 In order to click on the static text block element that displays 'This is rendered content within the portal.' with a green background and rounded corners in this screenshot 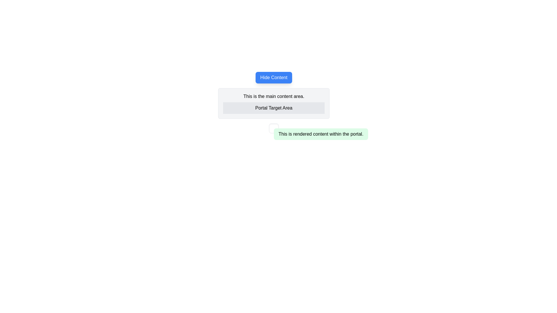, I will do `click(321, 134)`.